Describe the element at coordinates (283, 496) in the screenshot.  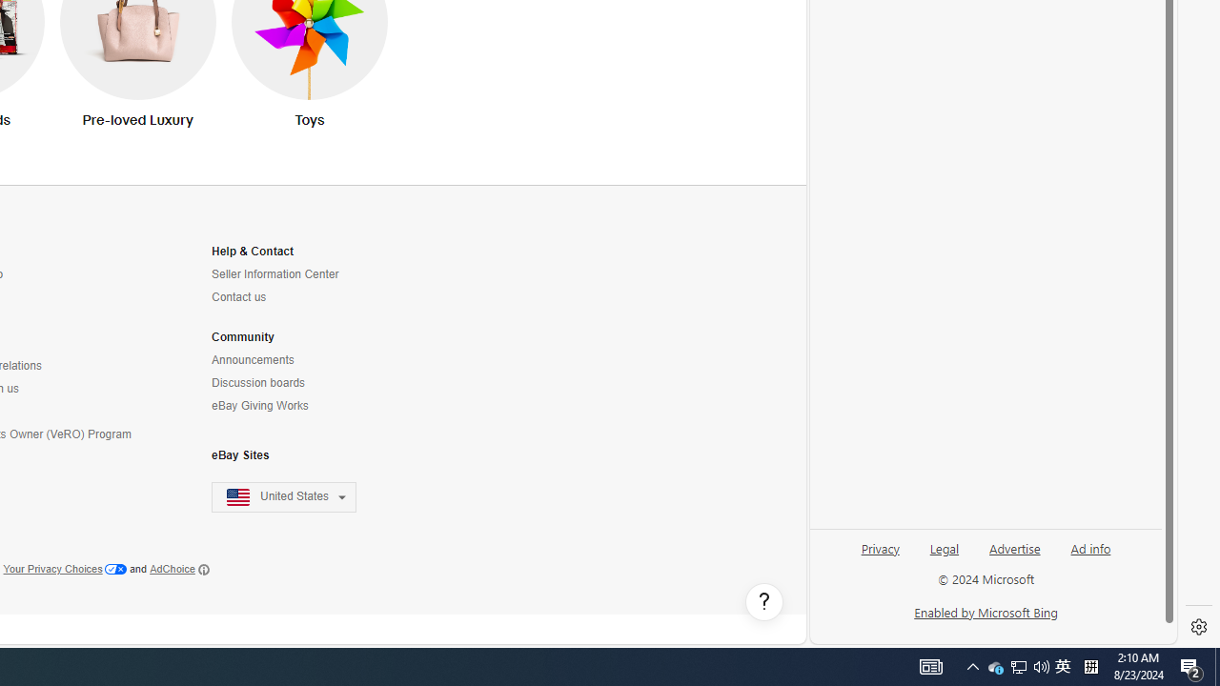
I see `'eBay sites,United States'` at that location.